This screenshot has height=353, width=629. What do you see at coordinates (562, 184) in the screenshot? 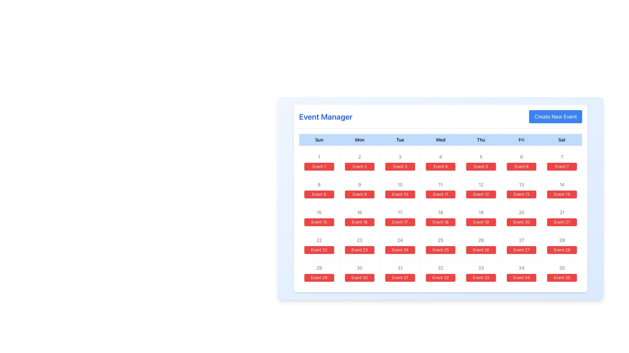
I see `displayed text '14' from the day number label inside the calendar entry for 'Event 14' located in the last column of the second row of the calendar` at bounding box center [562, 184].